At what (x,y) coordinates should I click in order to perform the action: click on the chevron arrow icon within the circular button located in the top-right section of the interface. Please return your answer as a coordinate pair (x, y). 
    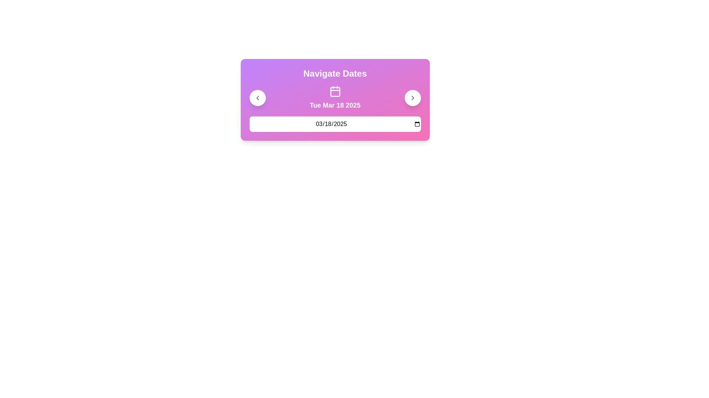
    Looking at the image, I should click on (412, 98).